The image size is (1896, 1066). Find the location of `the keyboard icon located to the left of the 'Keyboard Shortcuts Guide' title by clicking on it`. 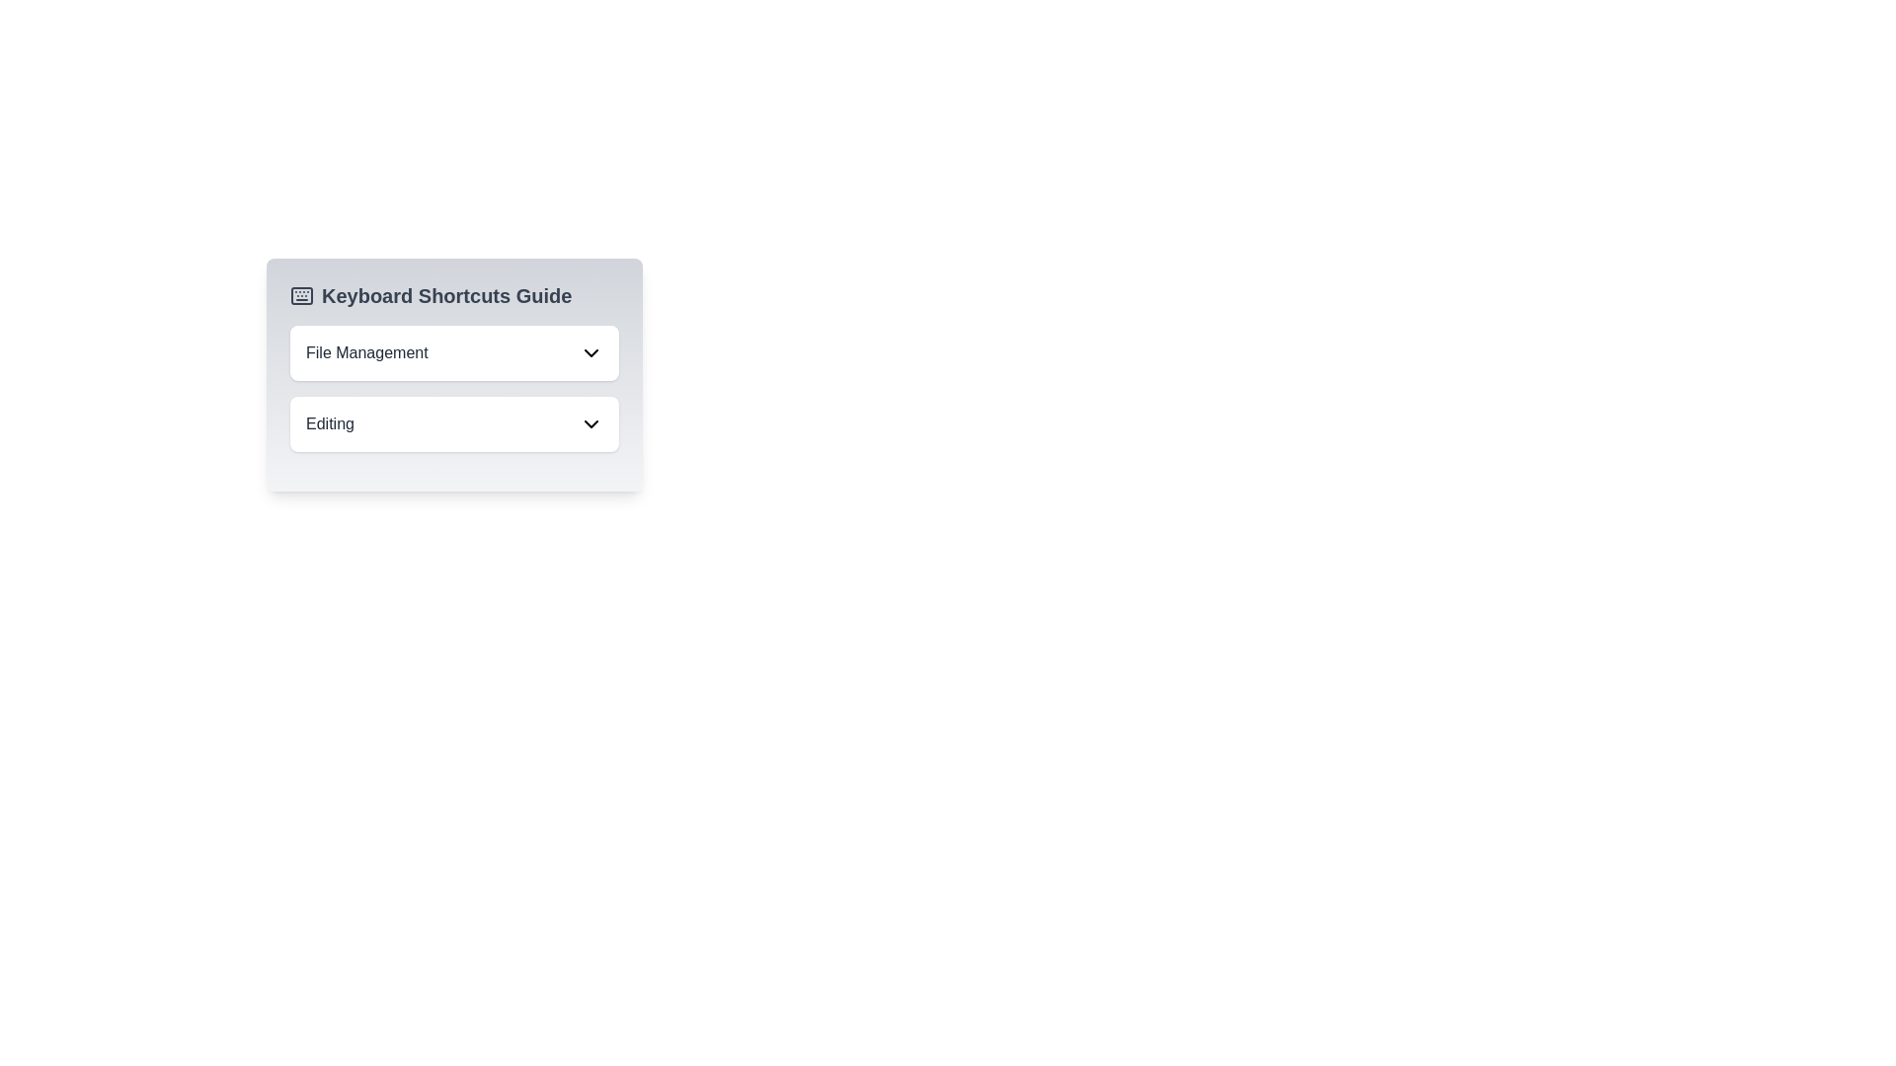

the keyboard icon located to the left of the 'Keyboard Shortcuts Guide' title by clicking on it is located at coordinates (301, 296).